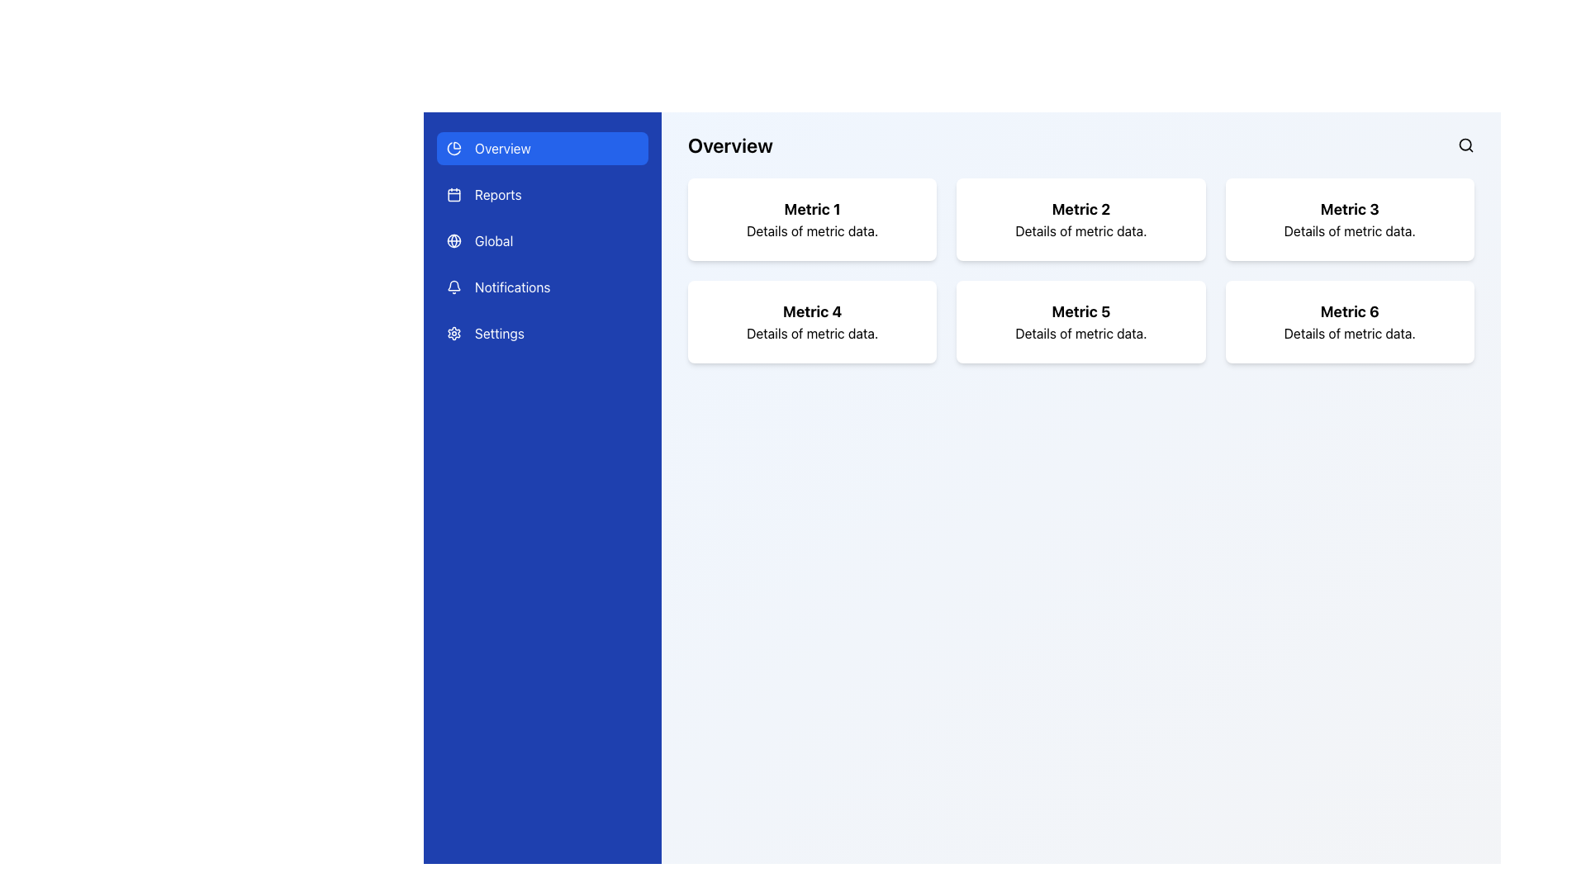 The width and height of the screenshot is (1586, 892). Describe the element at coordinates (543, 193) in the screenshot. I see `the navigation button located in the vertically stacked menu on the left side of the interface` at that location.